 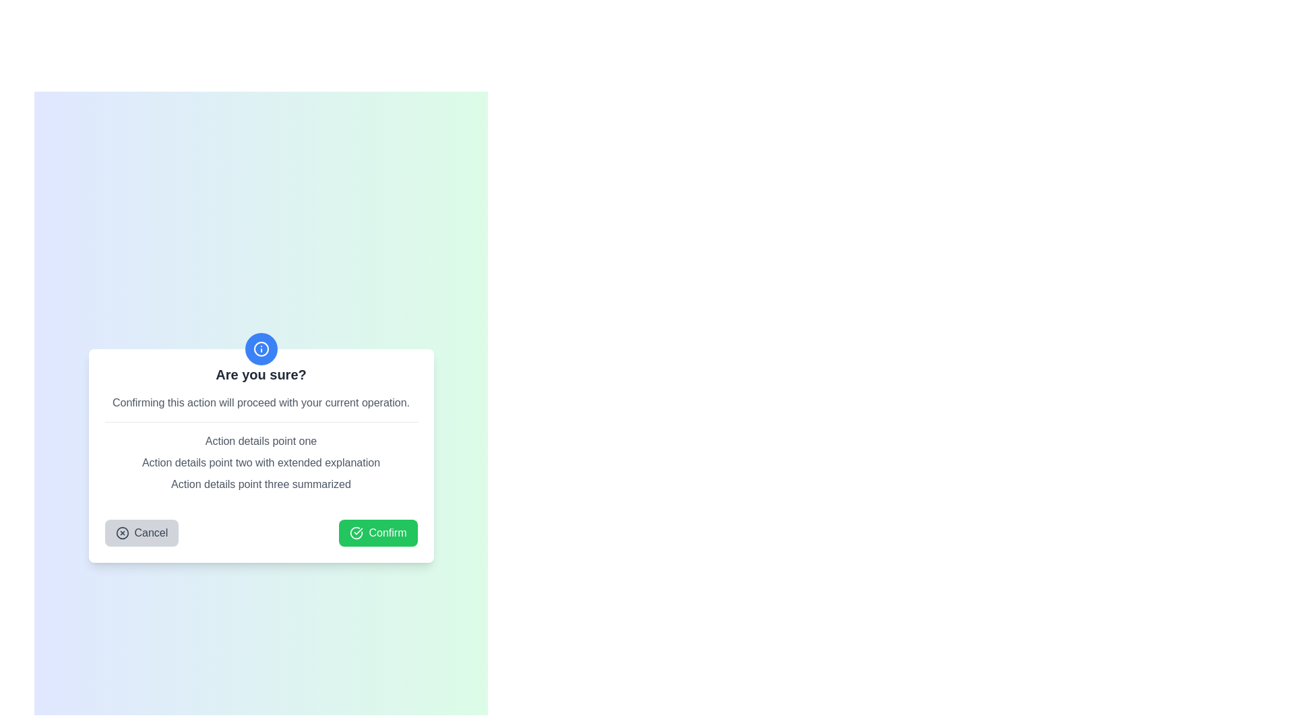 What do you see at coordinates (261, 348) in the screenshot?
I see `the circular information icon button, which has a vibrant blue background and a centered white 'i' icon, located at the top-center of the dialog box above the title 'Are you sure?'` at bounding box center [261, 348].